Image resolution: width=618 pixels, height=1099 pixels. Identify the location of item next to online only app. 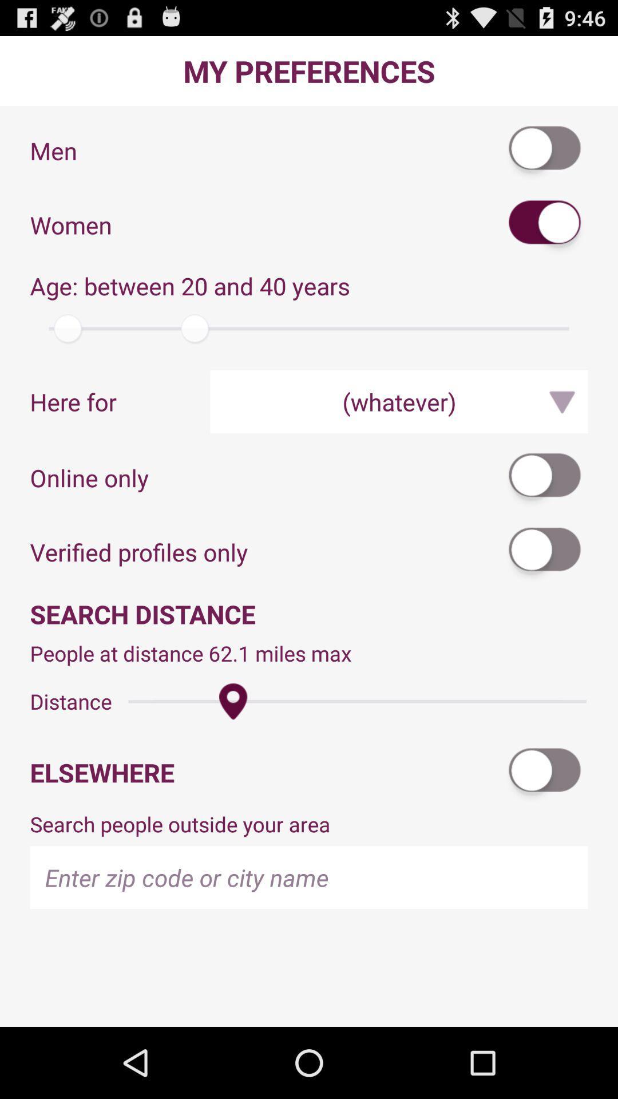
(545, 477).